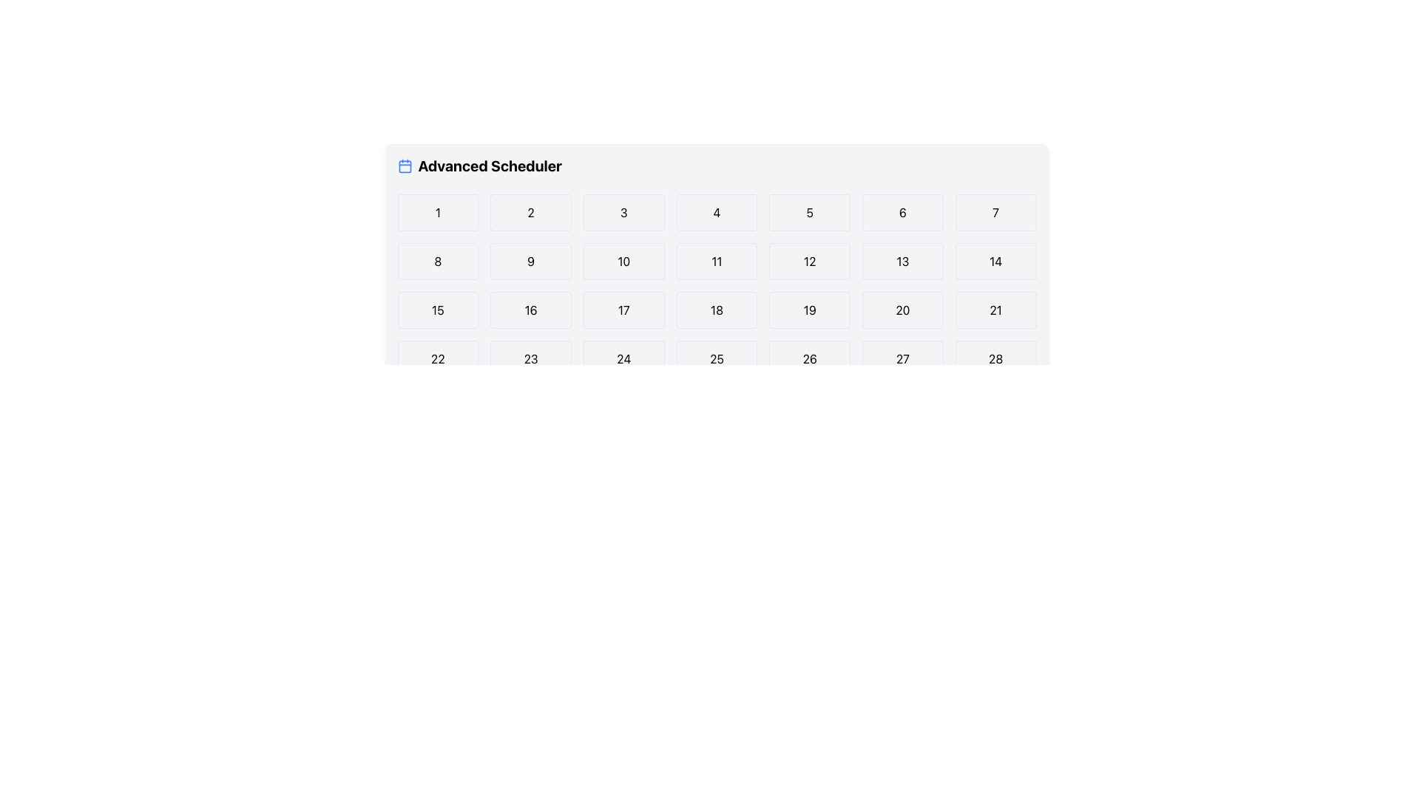  I want to click on the button displaying the numeral '17', which is located in the third row and third column of the grid, so click(623, 310).